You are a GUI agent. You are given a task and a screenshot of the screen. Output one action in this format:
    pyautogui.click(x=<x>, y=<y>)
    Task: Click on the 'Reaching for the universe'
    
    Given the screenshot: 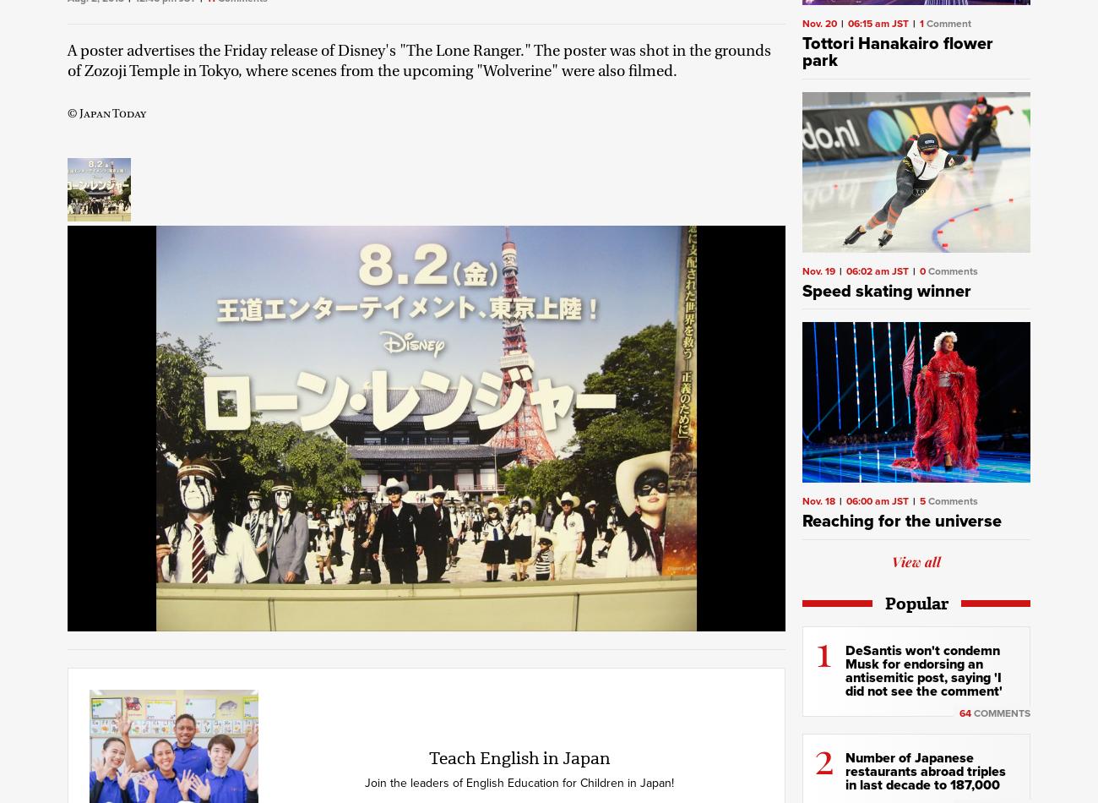 What is the action you would take?
    pyautogui.click(x=901, y=522)
    